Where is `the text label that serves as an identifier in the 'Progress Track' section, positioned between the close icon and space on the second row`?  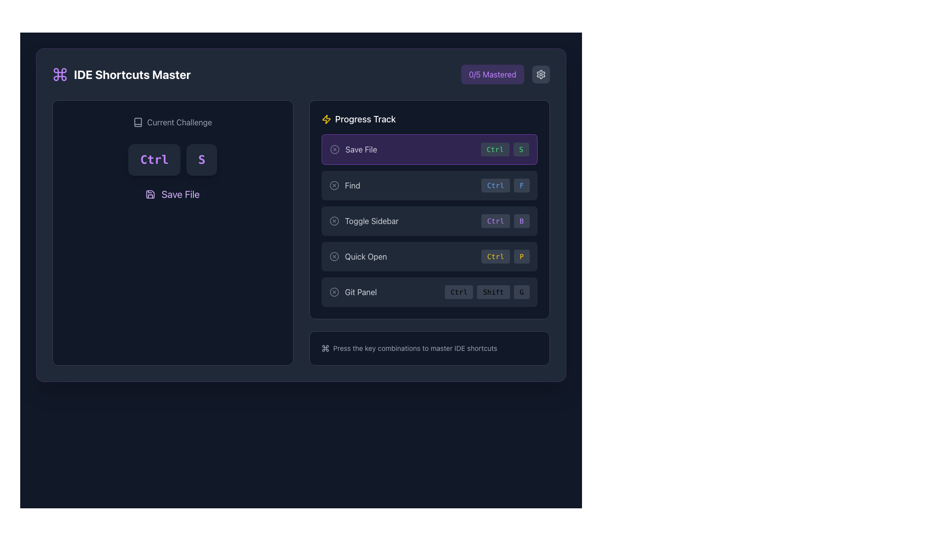 the text label that serves as an identifier in the 'Progress Track' section, positioned between the close icon and space on the second row is located at coordinates (353, 185).